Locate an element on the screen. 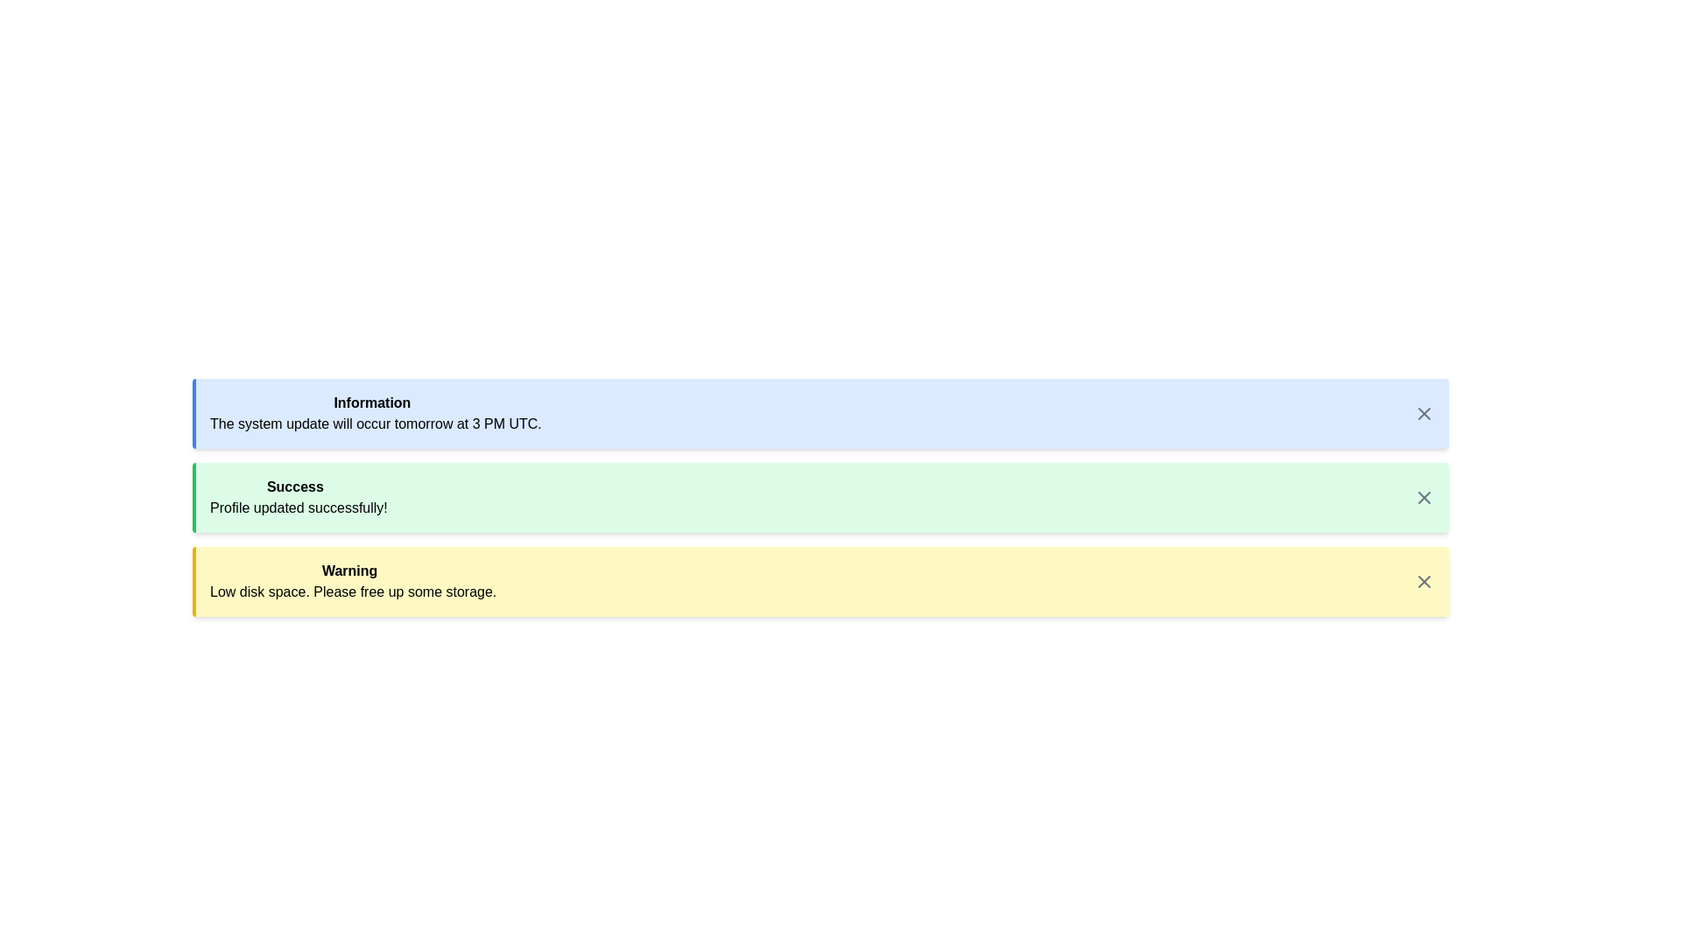 The height and width of the screenshot is (945, 1681). the static informational text about the scheduled system update located in the notification box titled 'Information' is located at coordinates (375, 424).